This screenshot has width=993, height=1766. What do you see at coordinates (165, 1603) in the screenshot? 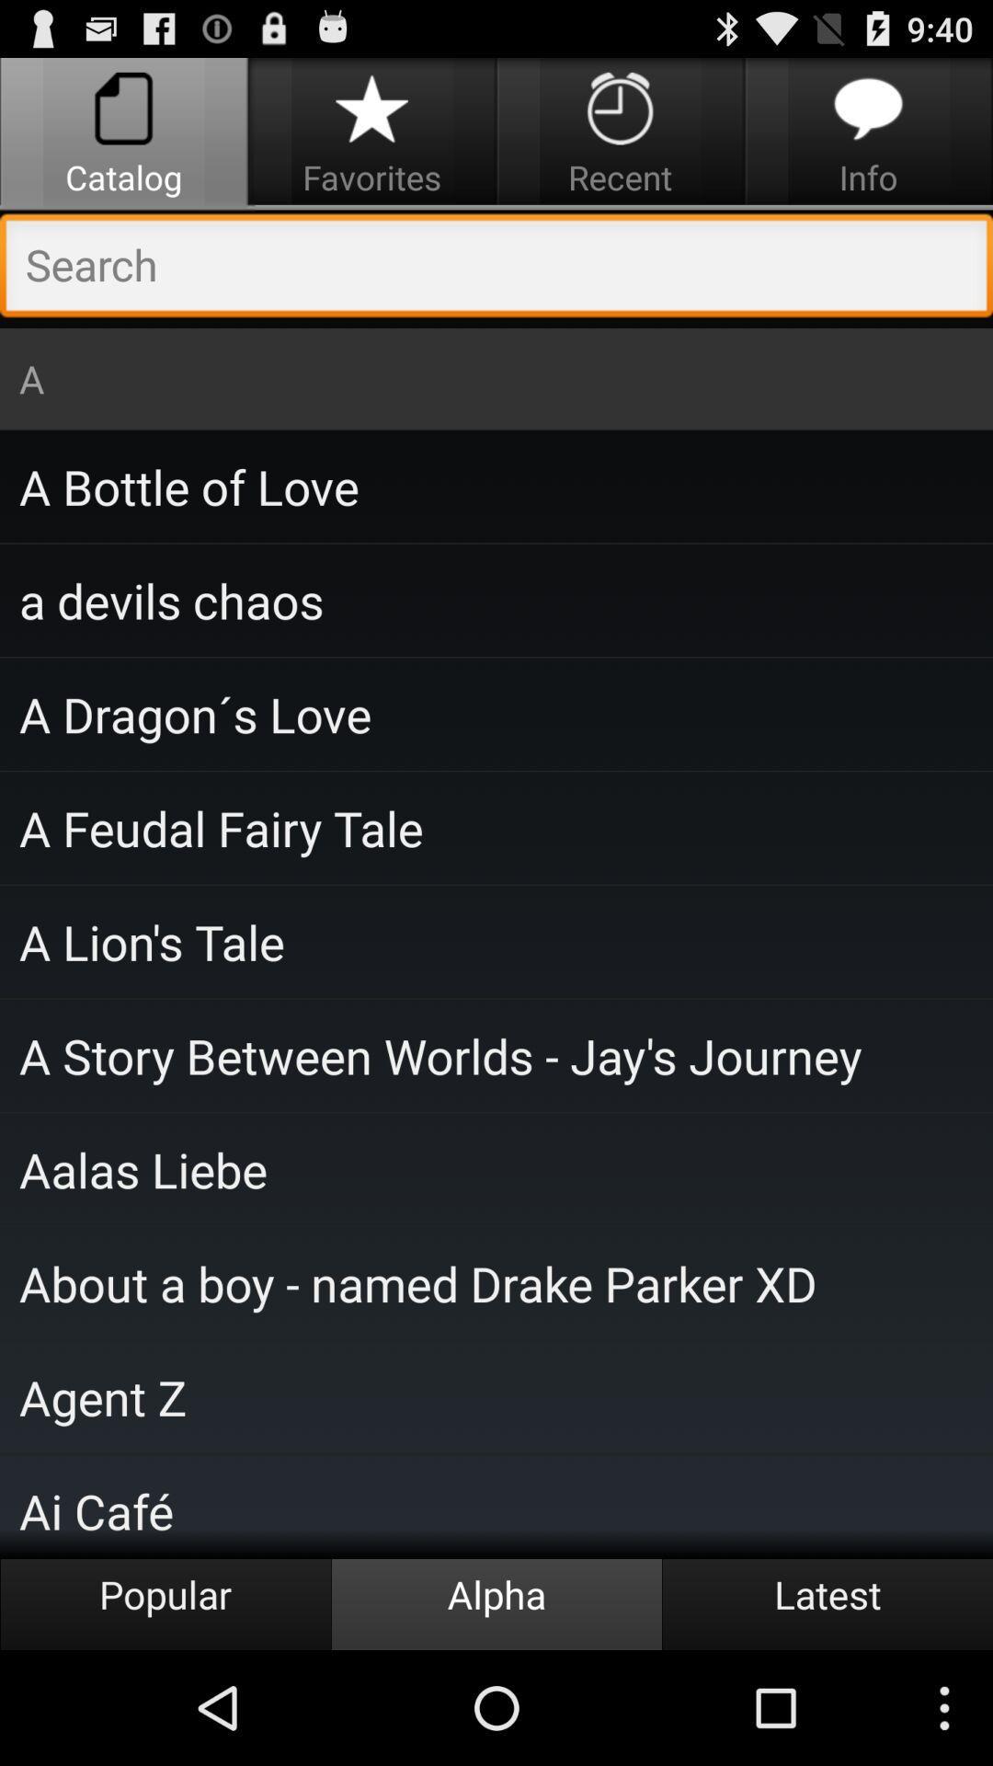
I see `icon to the left of the alpha icon` at bounding box center [165, 1603].